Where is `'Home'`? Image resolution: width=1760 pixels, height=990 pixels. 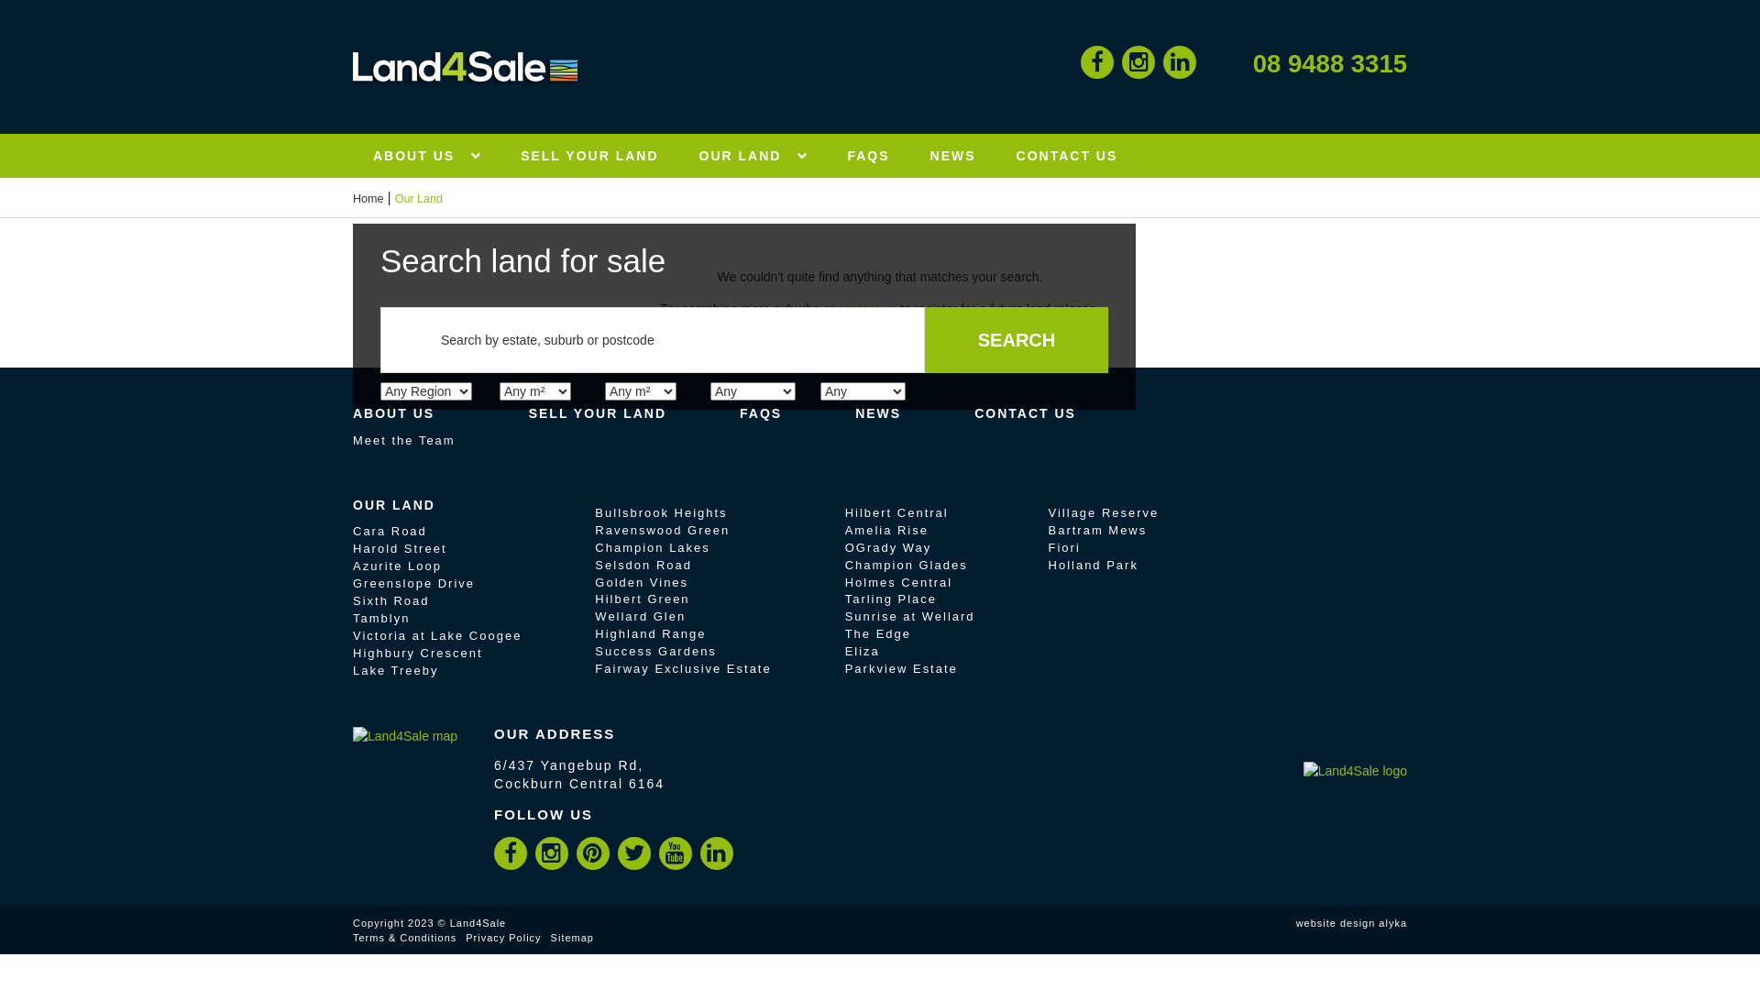 'Home' is located at coordinates (352, 198).